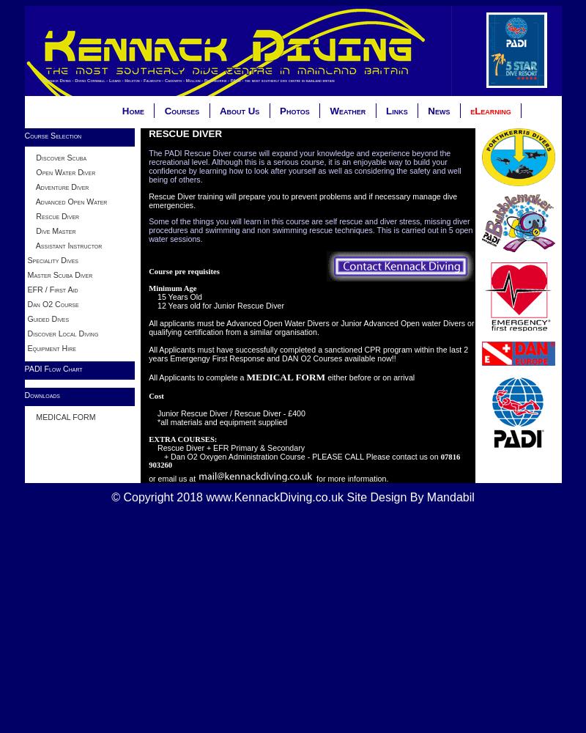 The image size is (586, 733). What do you see at coordinates (26, 289) in the screenshot?
I see `'EFR / First Aid'` at bounding box center [26, 289].